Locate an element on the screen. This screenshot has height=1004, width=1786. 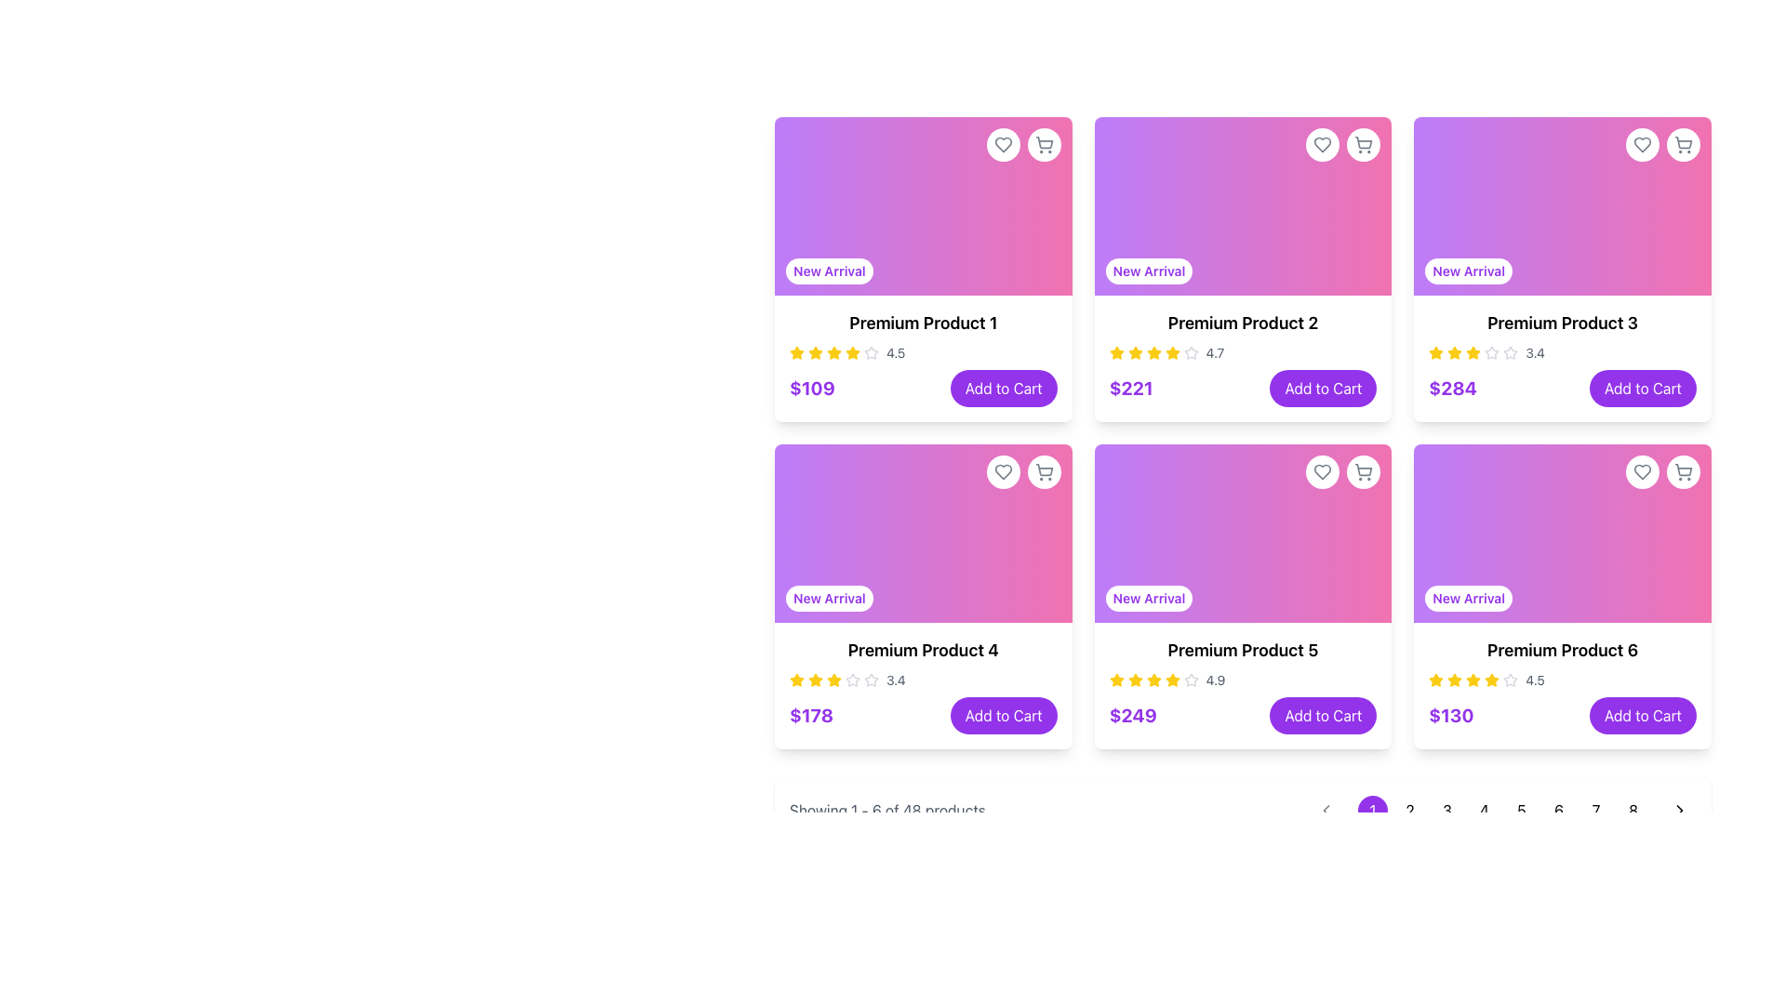
fifth star rating icon in the rating widget of the 'Premium Product 3' card to check its properties is located at coordinates (1492, 353).